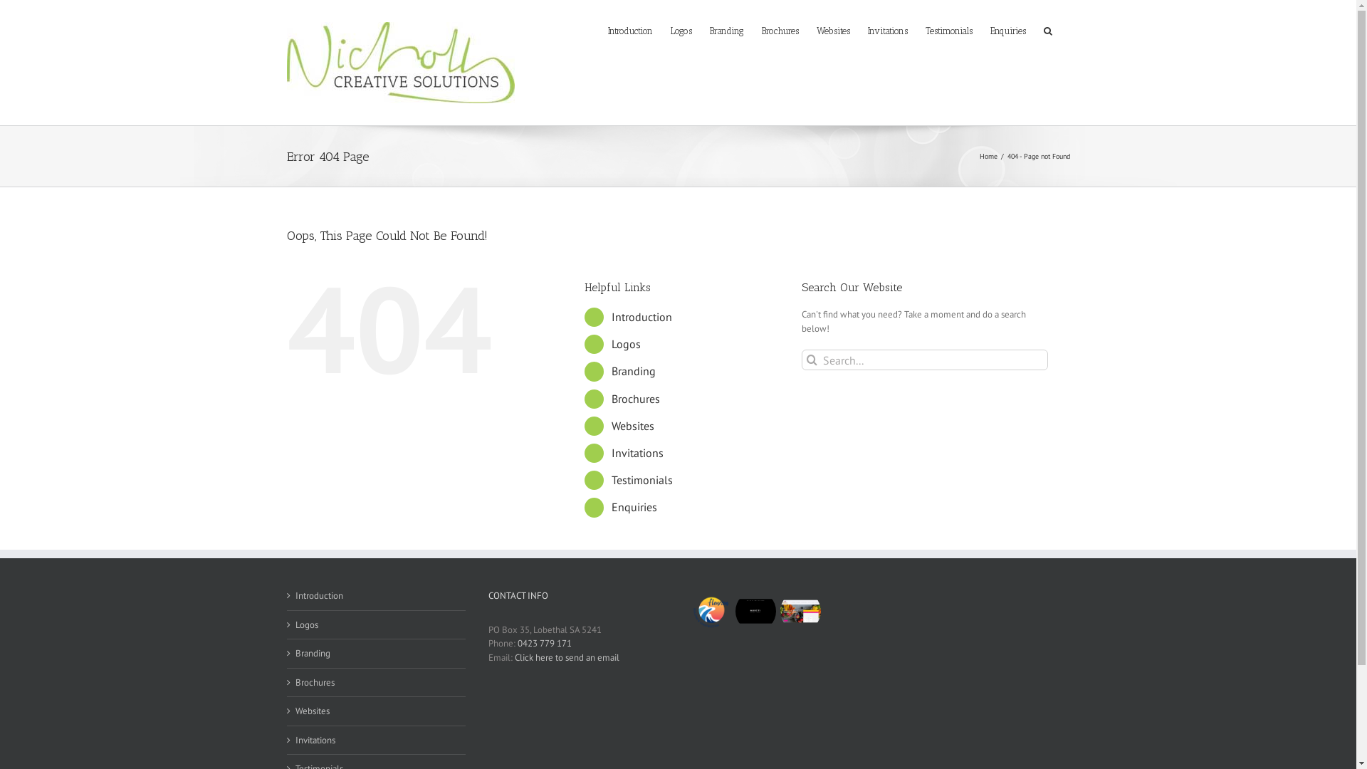 This screenshot has height=769, width=1367. I want to click on 'Enquiries', so click(634, 506).